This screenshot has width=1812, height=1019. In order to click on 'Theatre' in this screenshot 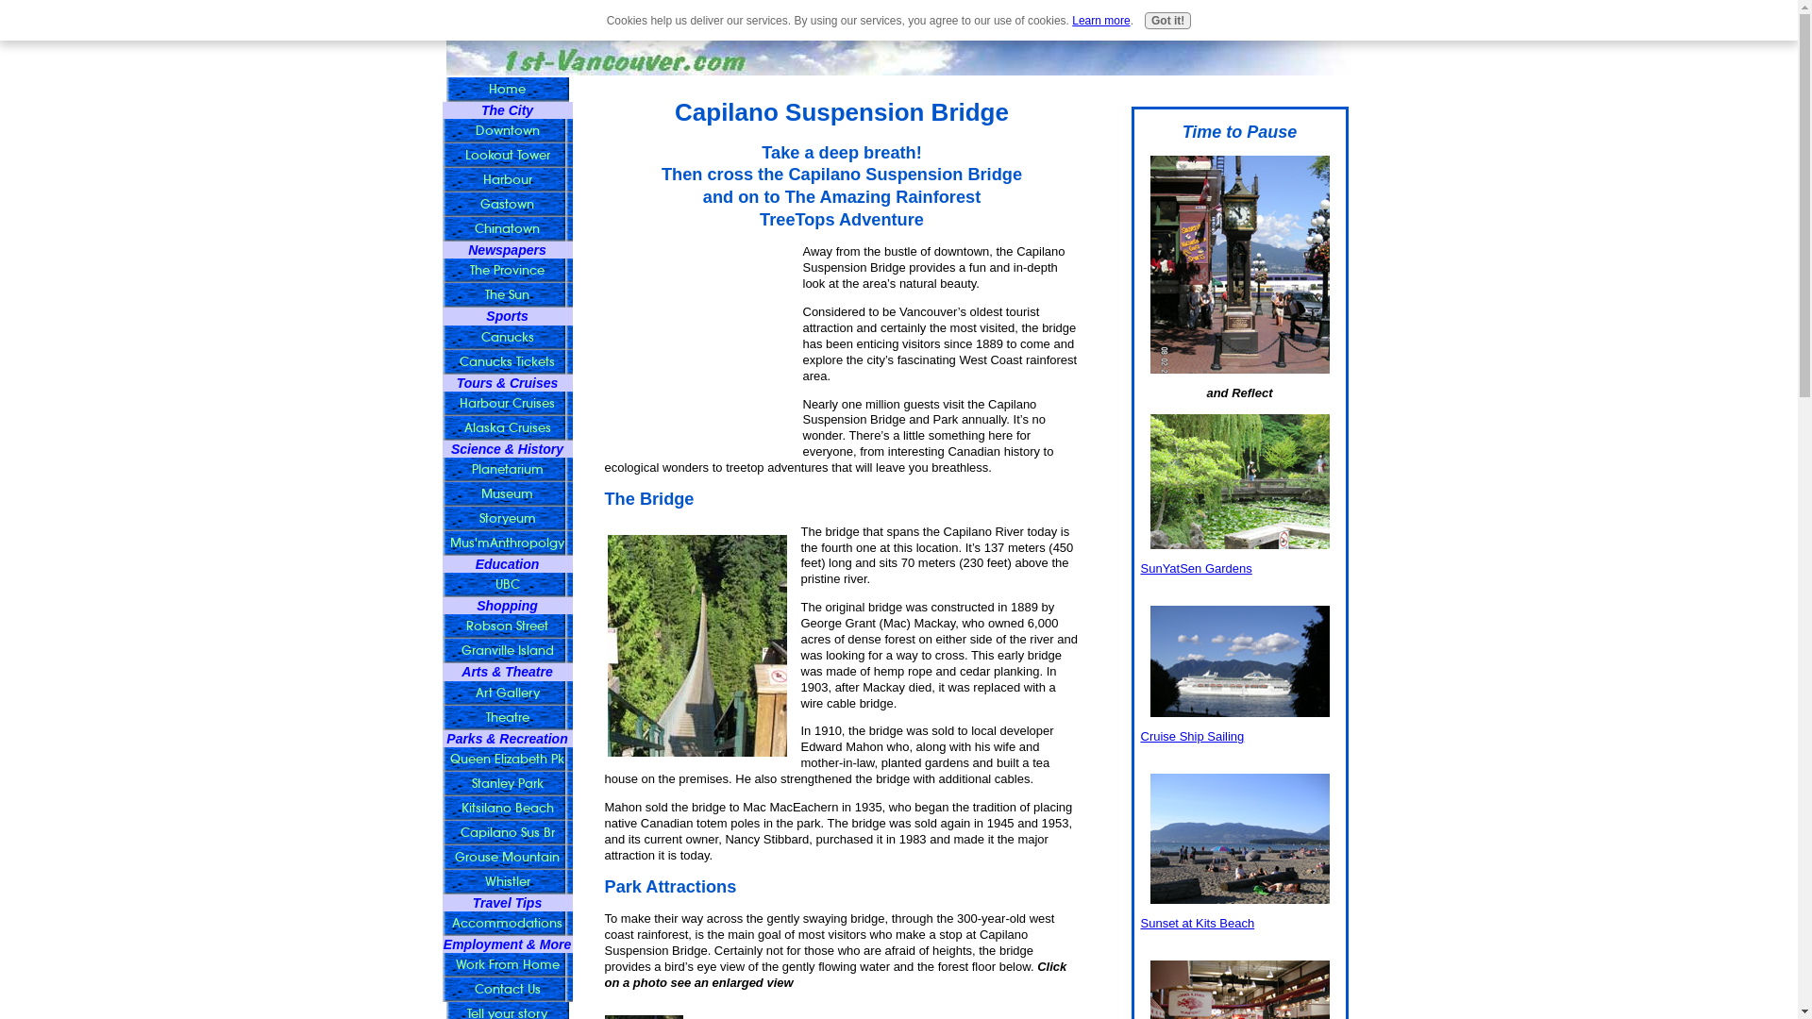, I will do `click(507, 717)`.